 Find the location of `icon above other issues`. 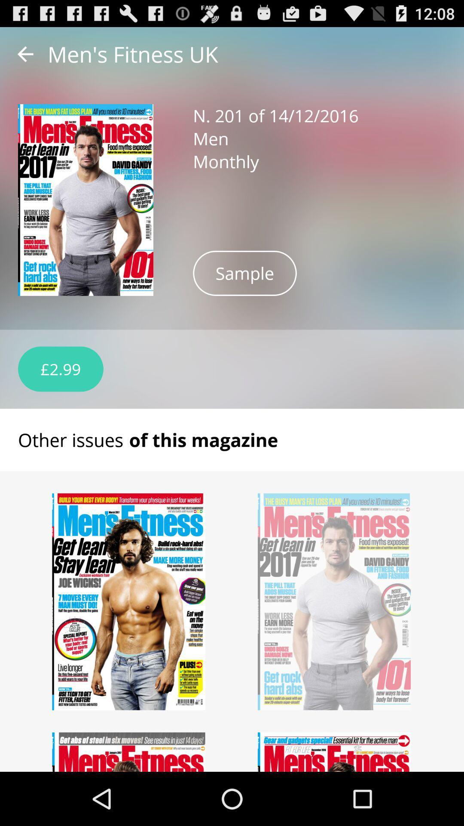

icon above other issues is located at coordinates (60, 369).